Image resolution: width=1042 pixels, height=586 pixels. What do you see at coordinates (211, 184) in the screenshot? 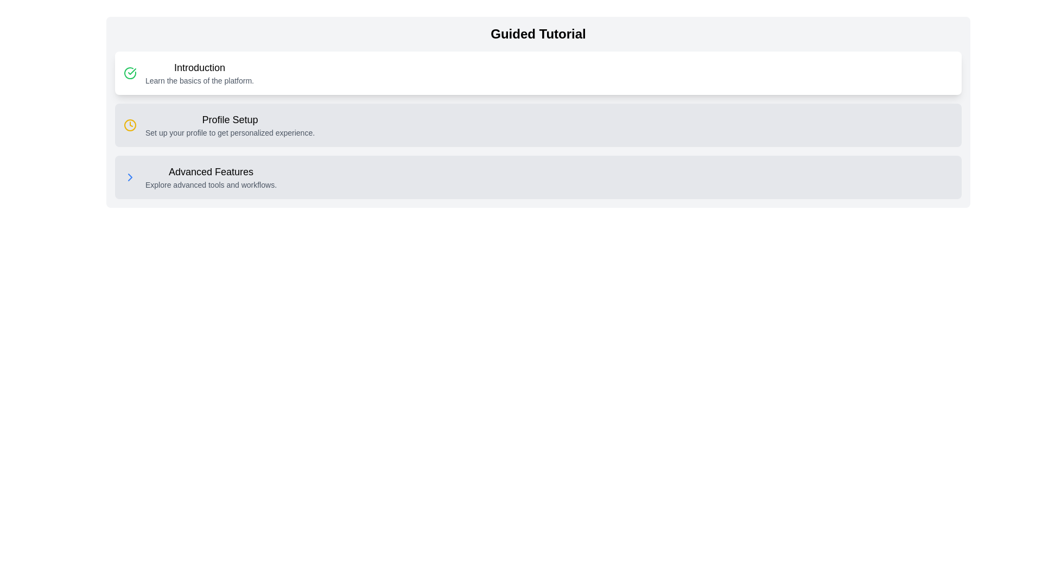
I see `the descriptive text element located underneath 'Advanced Features', which is the only text in that section` at bounding box center [211, 184].